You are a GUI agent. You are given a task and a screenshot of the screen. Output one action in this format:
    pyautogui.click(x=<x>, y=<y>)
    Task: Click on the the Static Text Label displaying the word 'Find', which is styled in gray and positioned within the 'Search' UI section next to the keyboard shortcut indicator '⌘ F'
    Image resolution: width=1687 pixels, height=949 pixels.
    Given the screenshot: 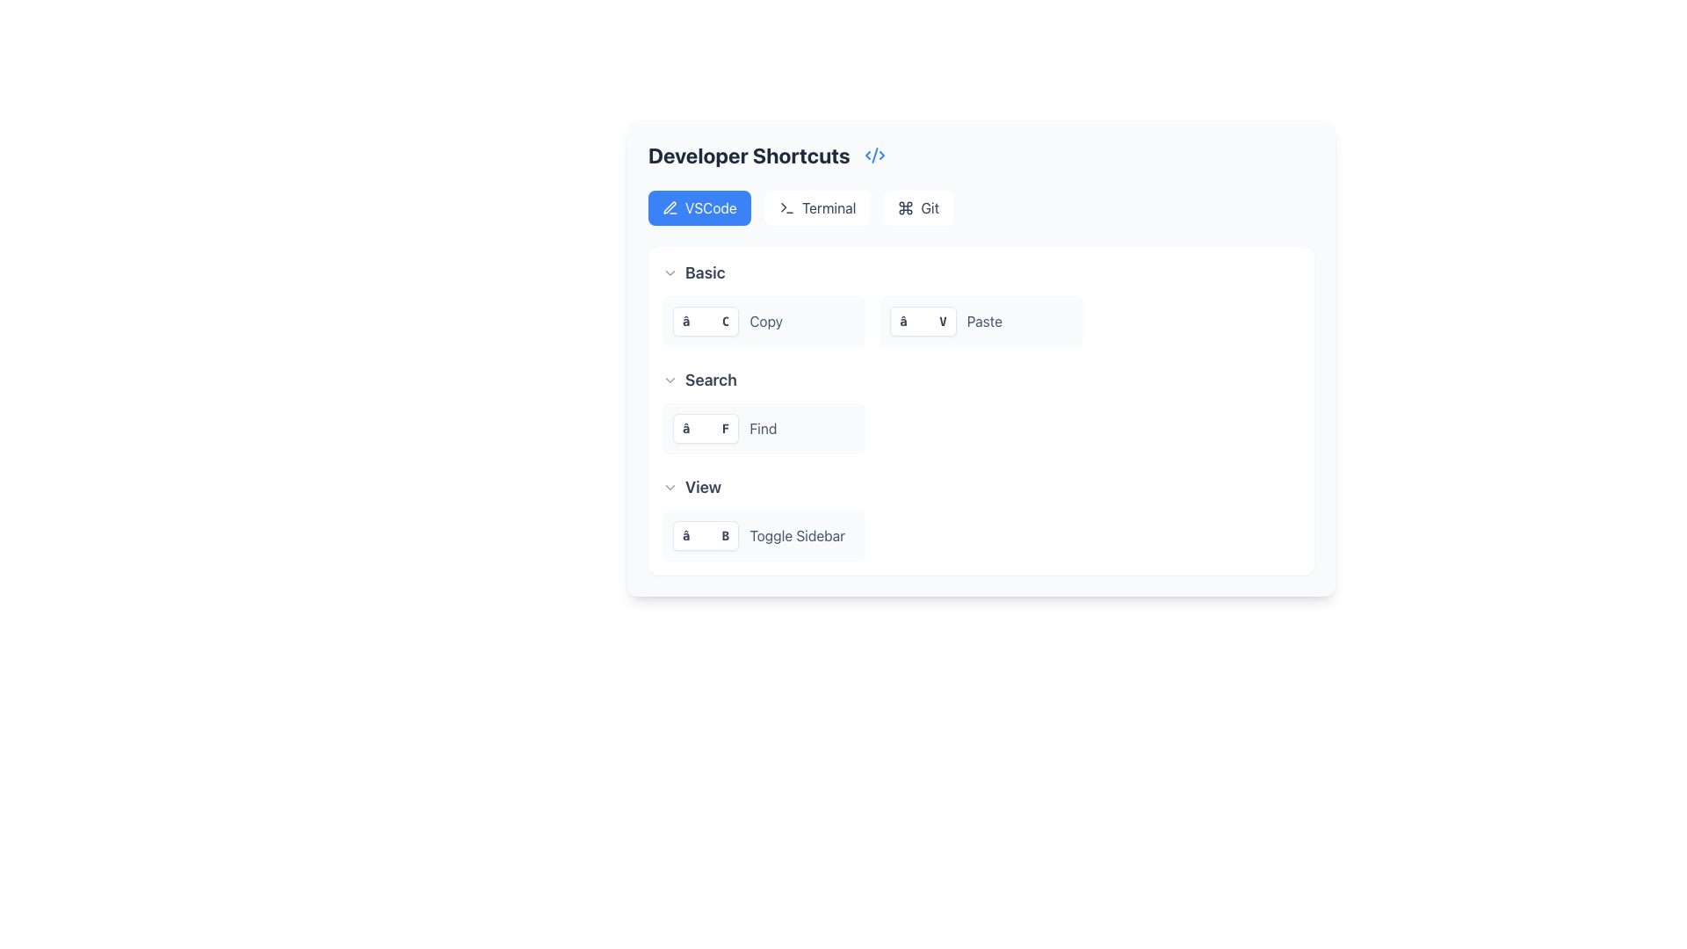 What is the action you would take?
    pyautogui.click(x=763, y=429)
    